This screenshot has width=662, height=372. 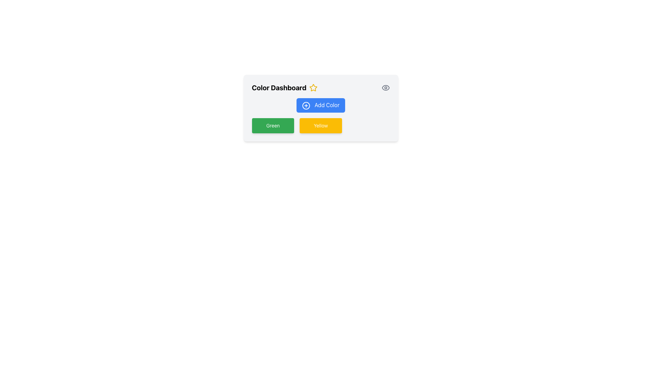 I want to click on the text label within the yellow button located at the center of the button, positioned in the lower-right part of the card layout, so click(x=320, y=125).